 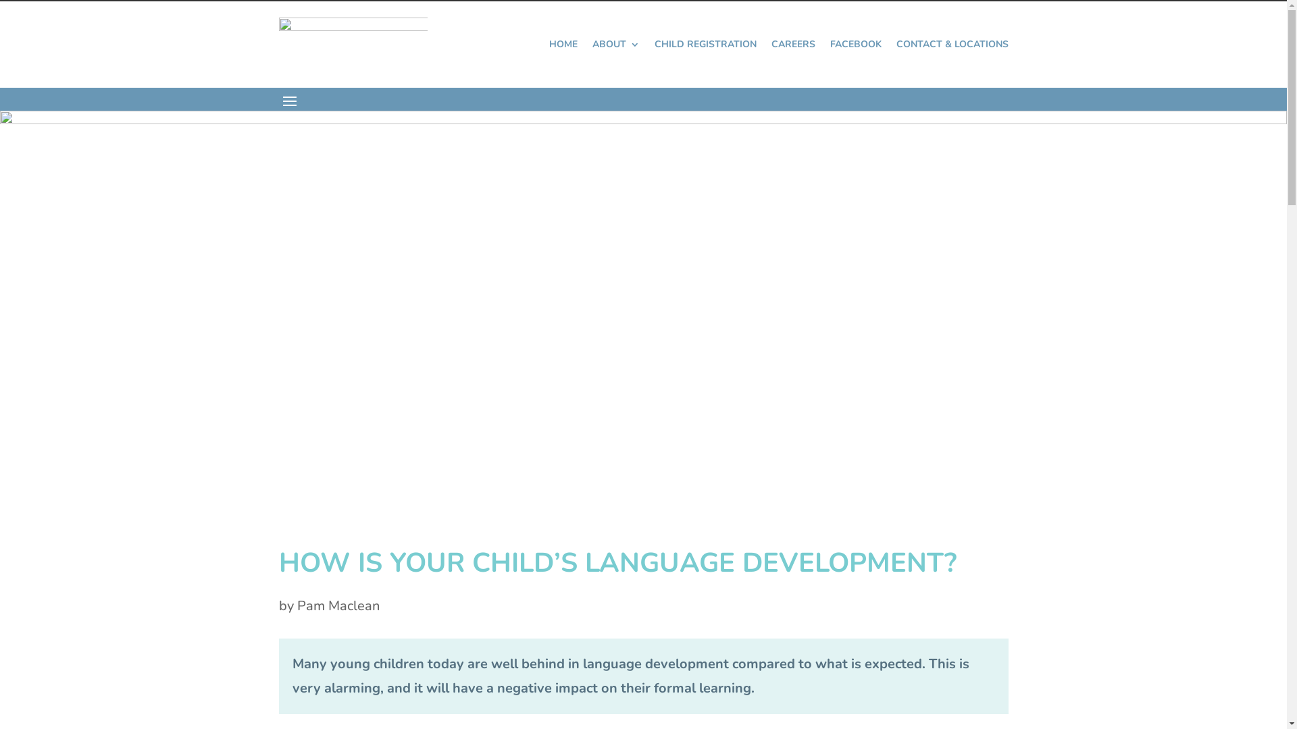 I want to click on 'Pam Maclean', so click(x=297, y=605).